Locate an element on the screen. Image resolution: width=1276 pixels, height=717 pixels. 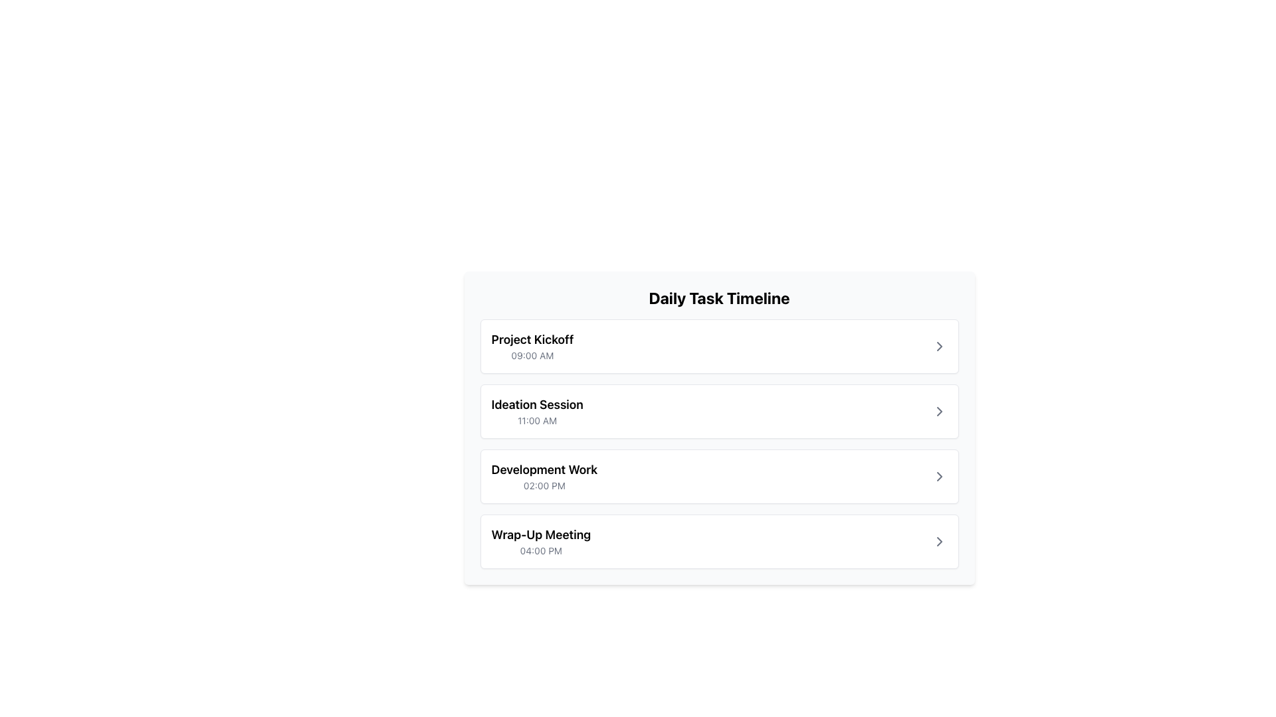
the gray arrow icon positioned in the last row, aligned to the right side, adjacent to the text '04:00 PM' is located at coordinates (938, 542).